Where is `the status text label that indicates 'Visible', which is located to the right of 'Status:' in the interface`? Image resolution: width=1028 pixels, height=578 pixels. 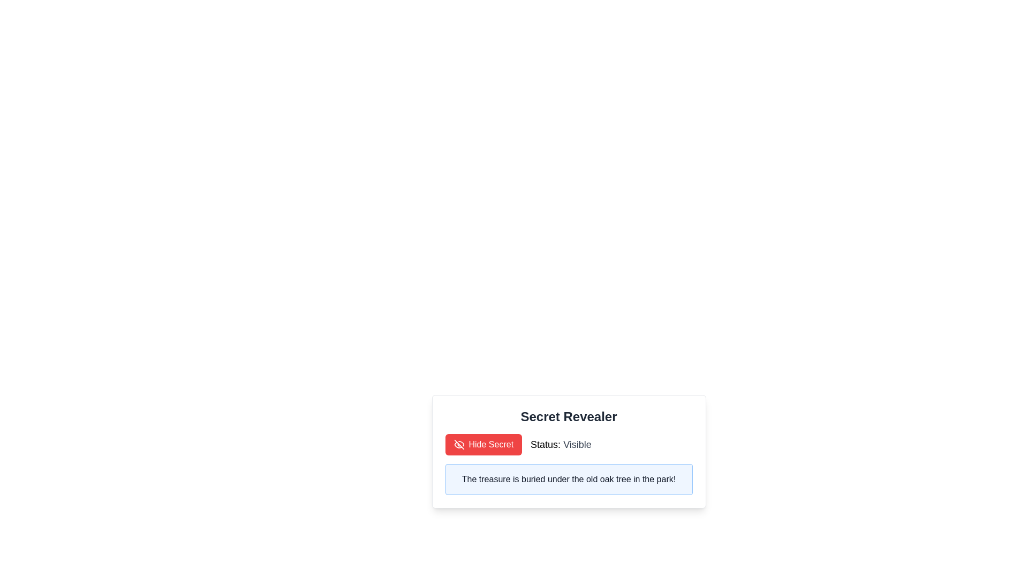
the status text label that indicates 'Visible', which is located to the right of 'Status:' in the interface is located at coordinates (577, 444).